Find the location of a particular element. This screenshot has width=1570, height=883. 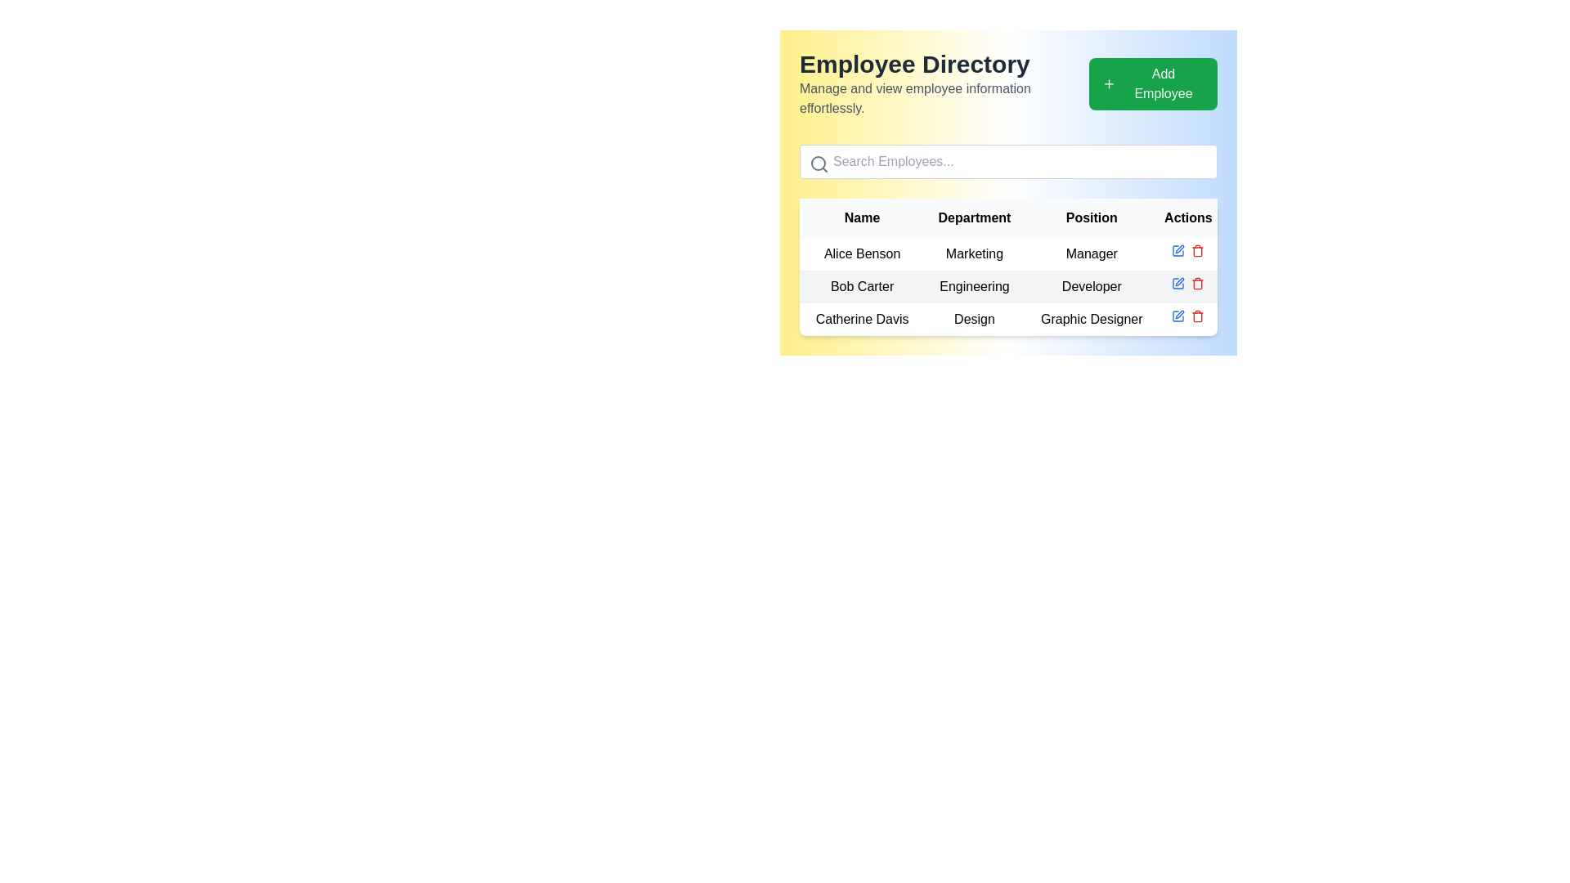

the second data row of the employee table is located at coordinates (1007, 286).